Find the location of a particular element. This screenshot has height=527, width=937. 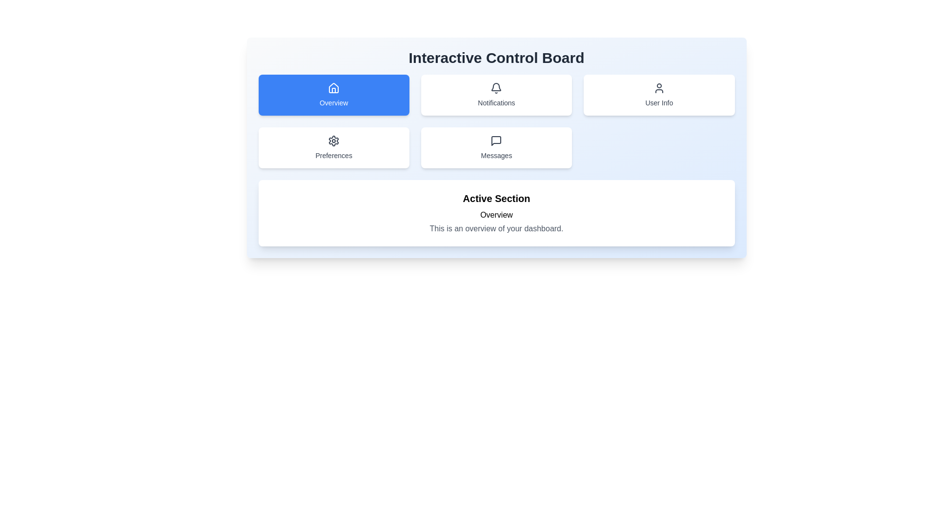

the messages icon located in the Messages section of the user dashboard, which represents the chat functionality is located at coordinates (496, 141).